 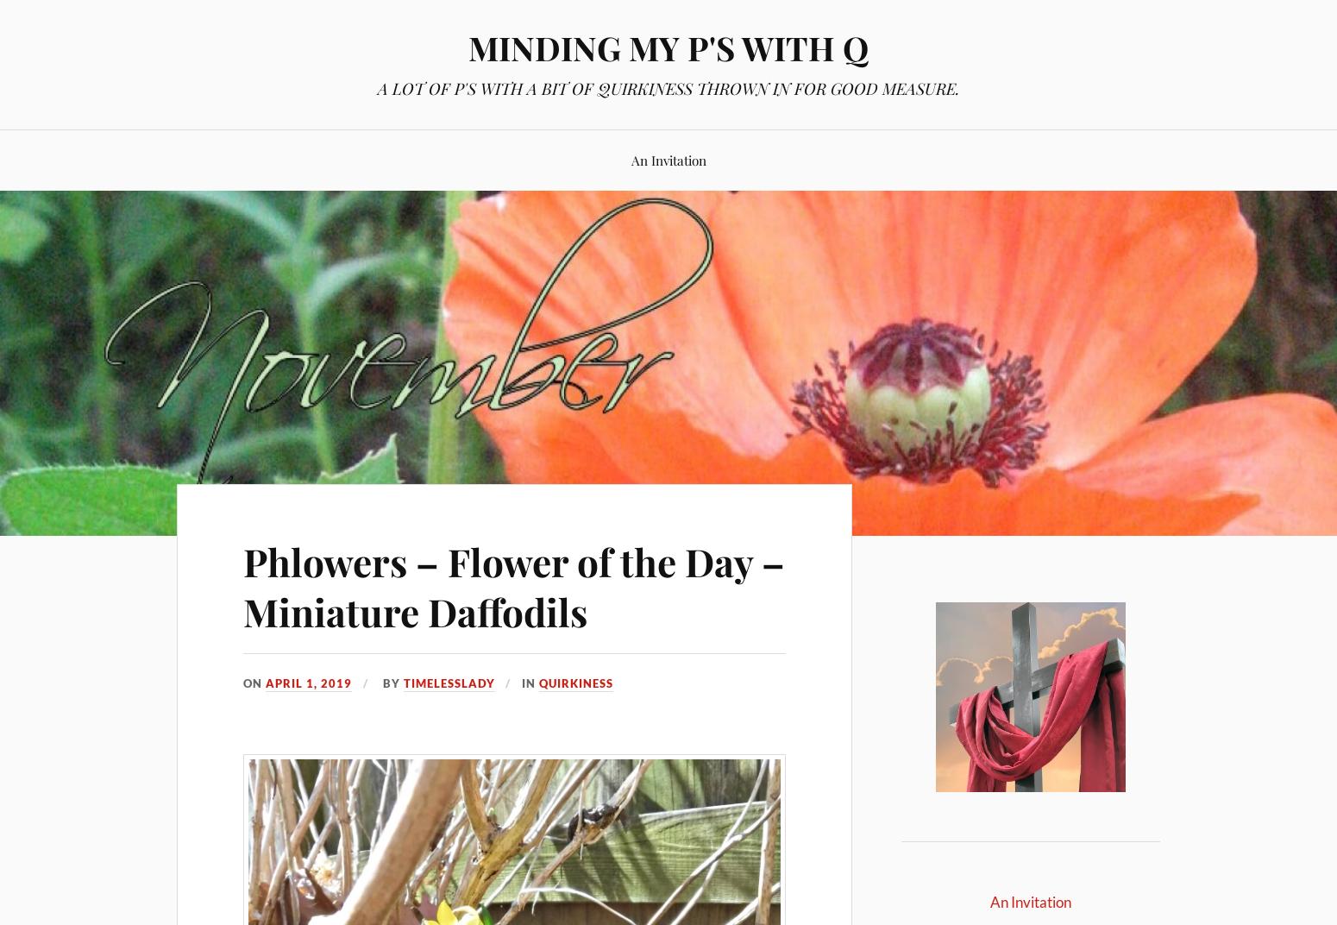 I want to click on 'April 1, 2019', so click(x=308, y=683).